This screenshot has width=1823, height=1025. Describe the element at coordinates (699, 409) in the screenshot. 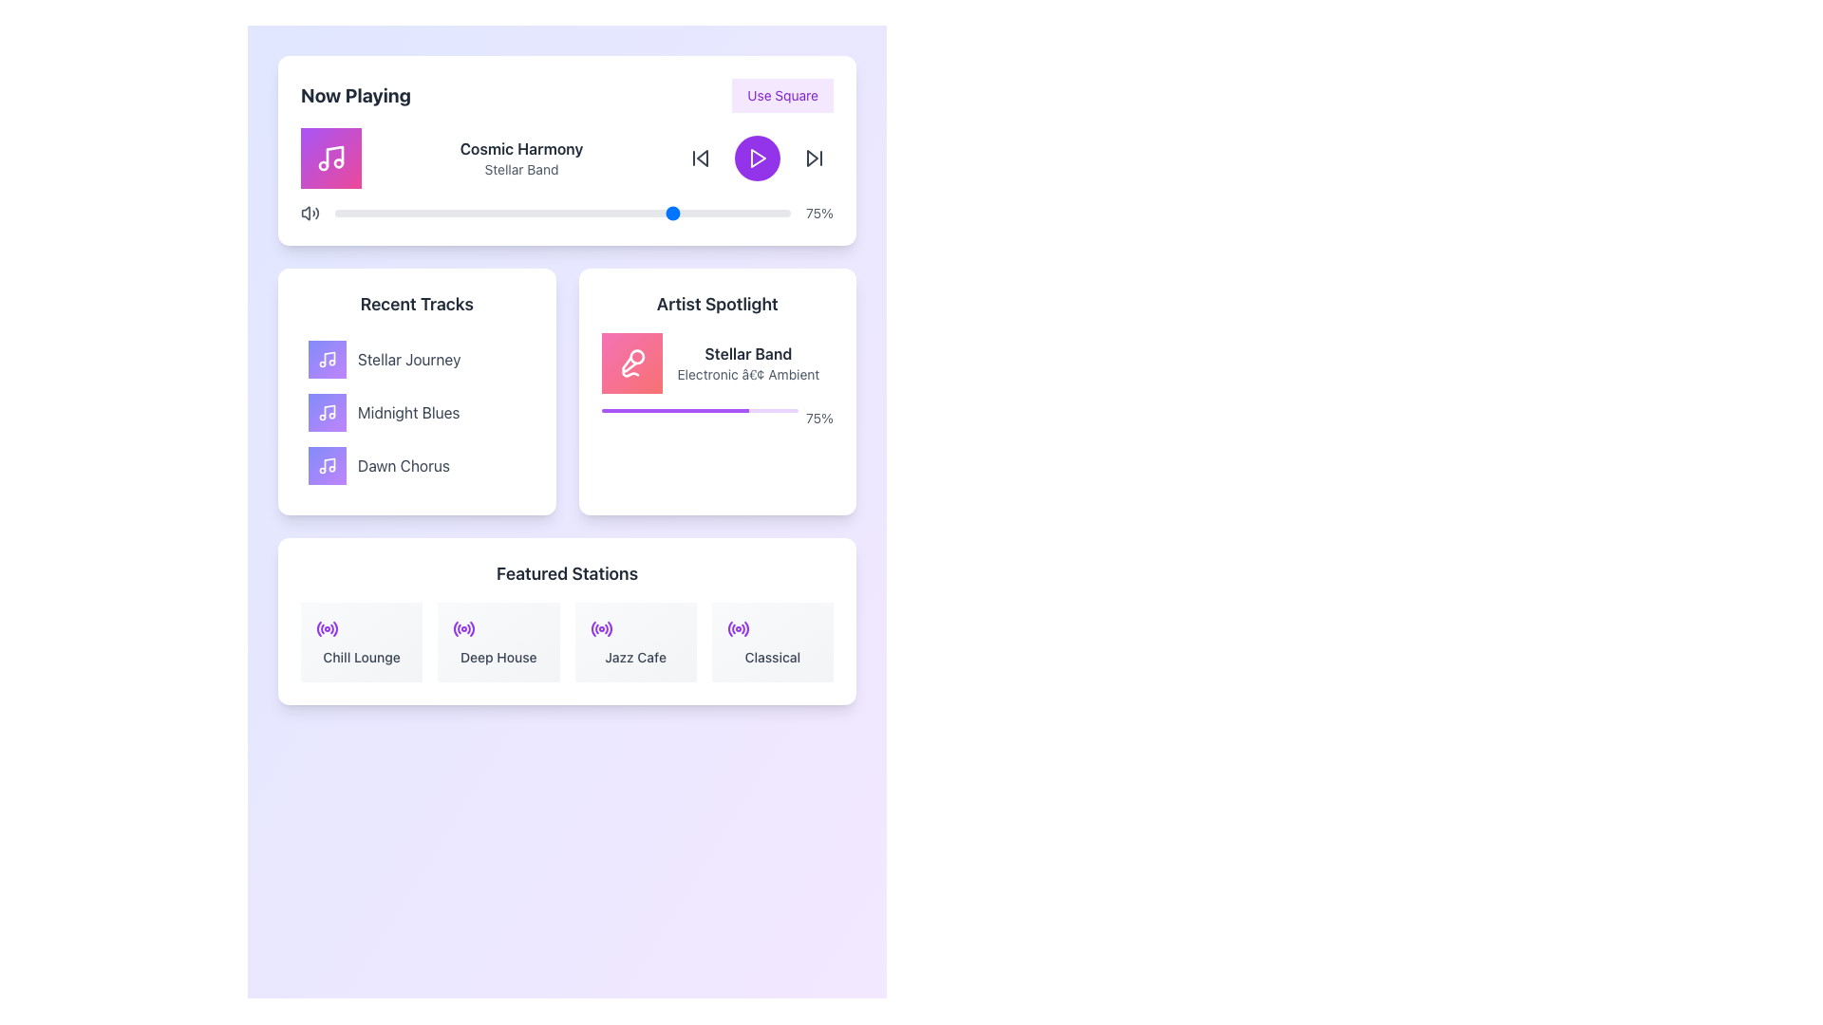

I see `the Progress bar located in the 'Artist Spotlight' card beneath the text 'Electronic Ambient', positioned horizontally next to the percentage value '75%'` at that location.